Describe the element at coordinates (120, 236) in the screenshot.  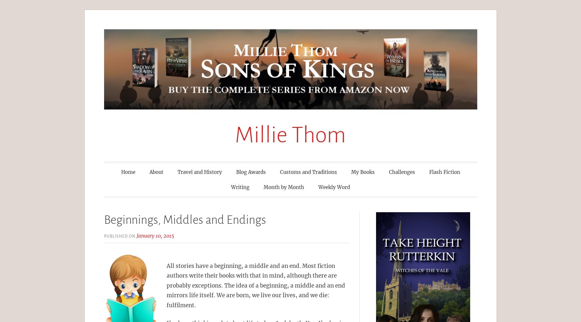
I see `'Published on'` at that location.